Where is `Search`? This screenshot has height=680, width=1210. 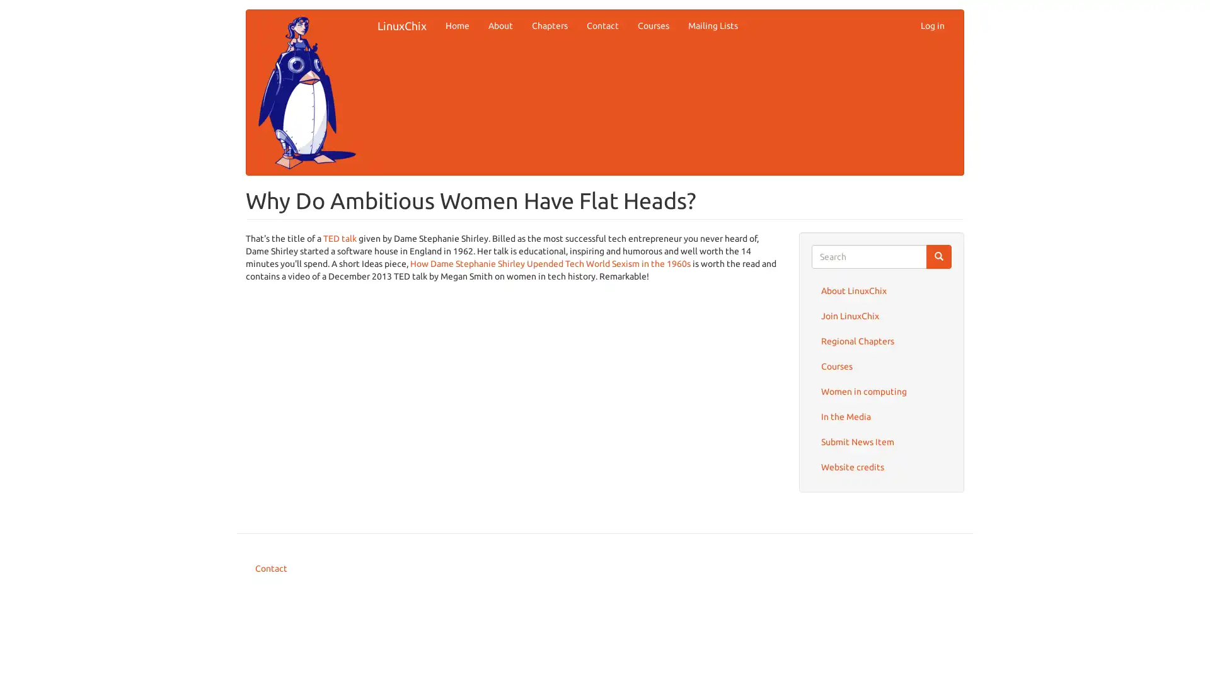 Search is located at coordinates (938, 256).